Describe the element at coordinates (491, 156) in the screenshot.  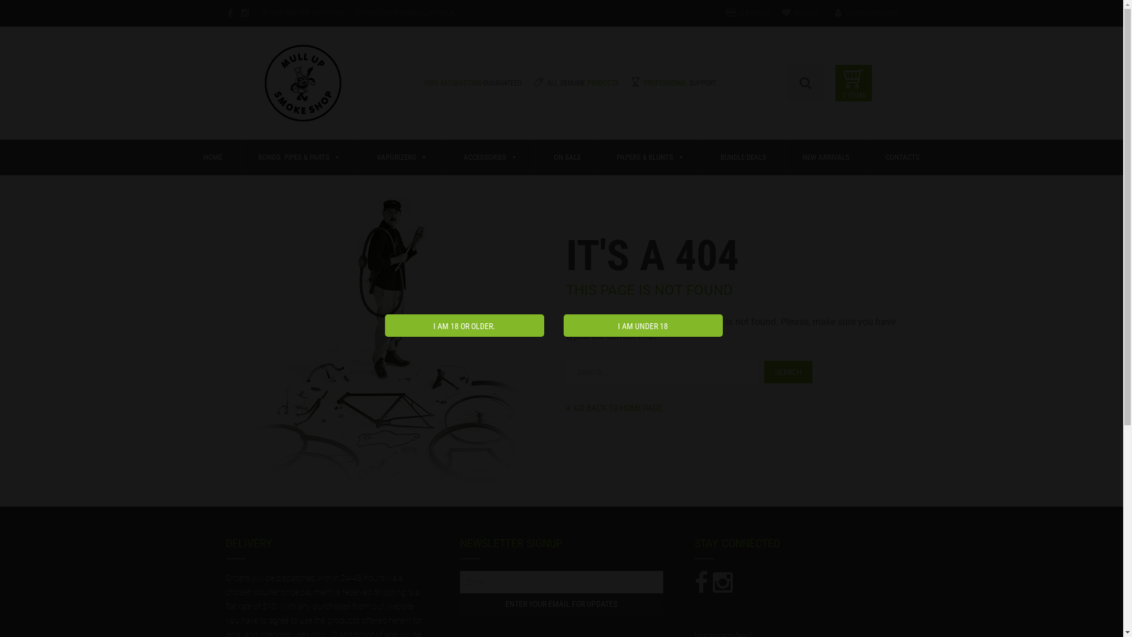
I see `'ACCESSORIES'` at that location.